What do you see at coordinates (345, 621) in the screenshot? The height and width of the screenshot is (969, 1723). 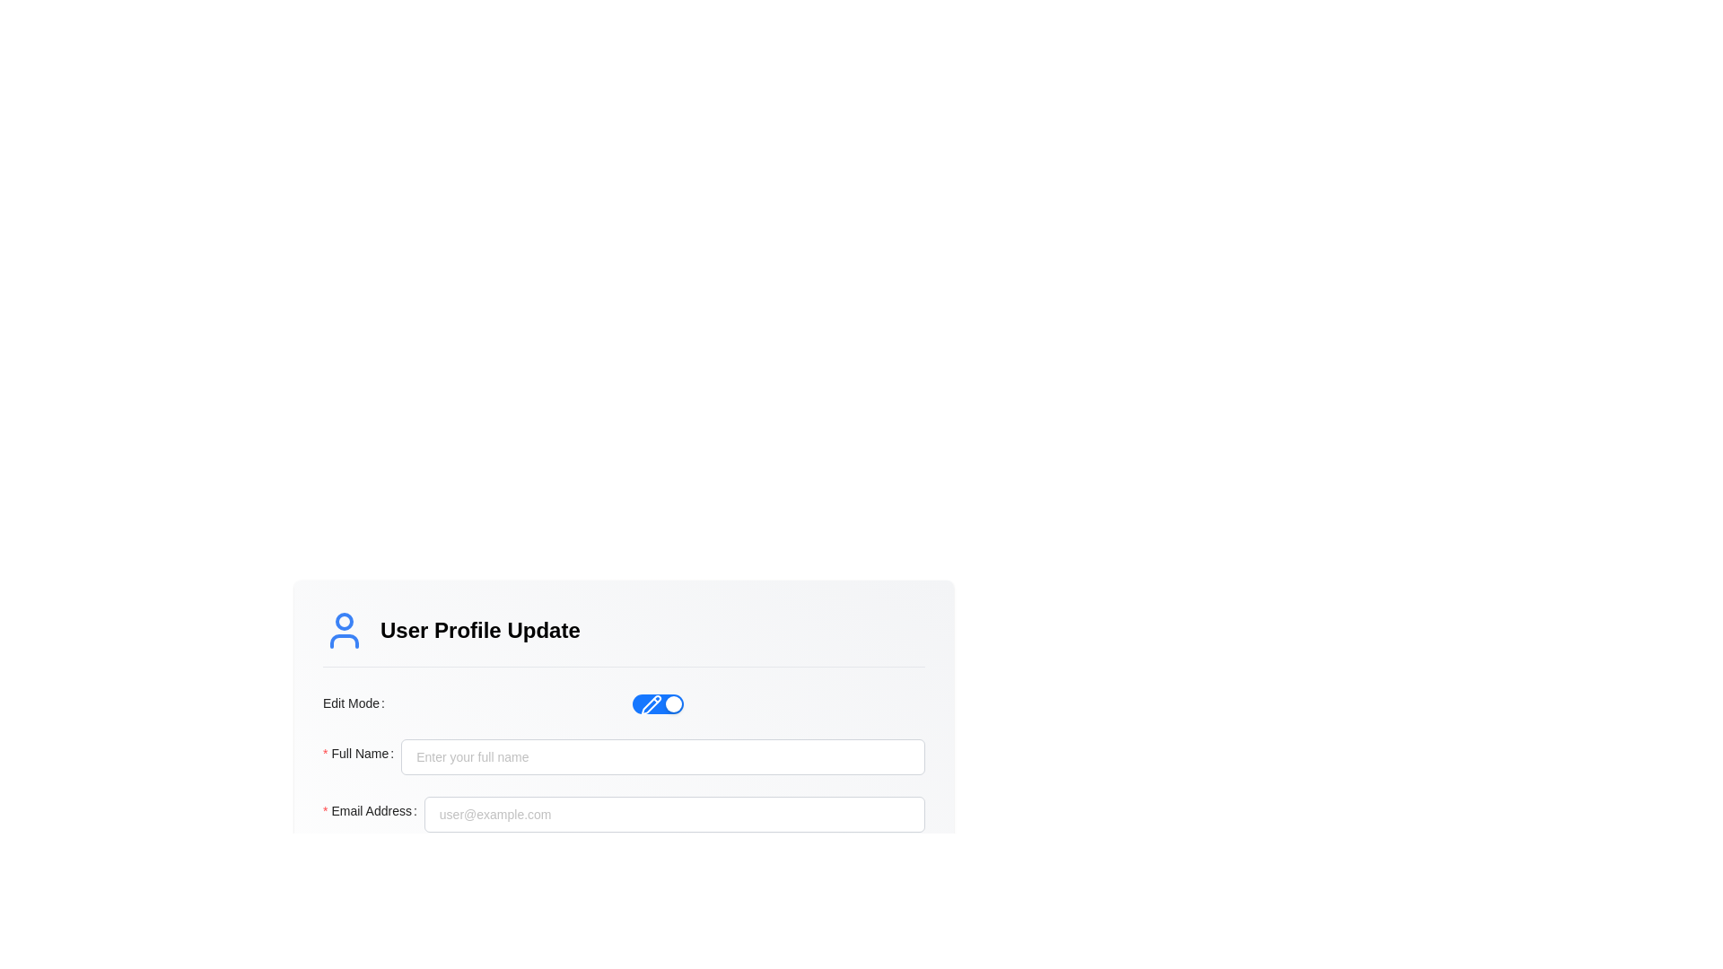 I see `the decorative circle element within the user profile icon, which represents the head in the user profile update section` at bounding box center [345, 621].